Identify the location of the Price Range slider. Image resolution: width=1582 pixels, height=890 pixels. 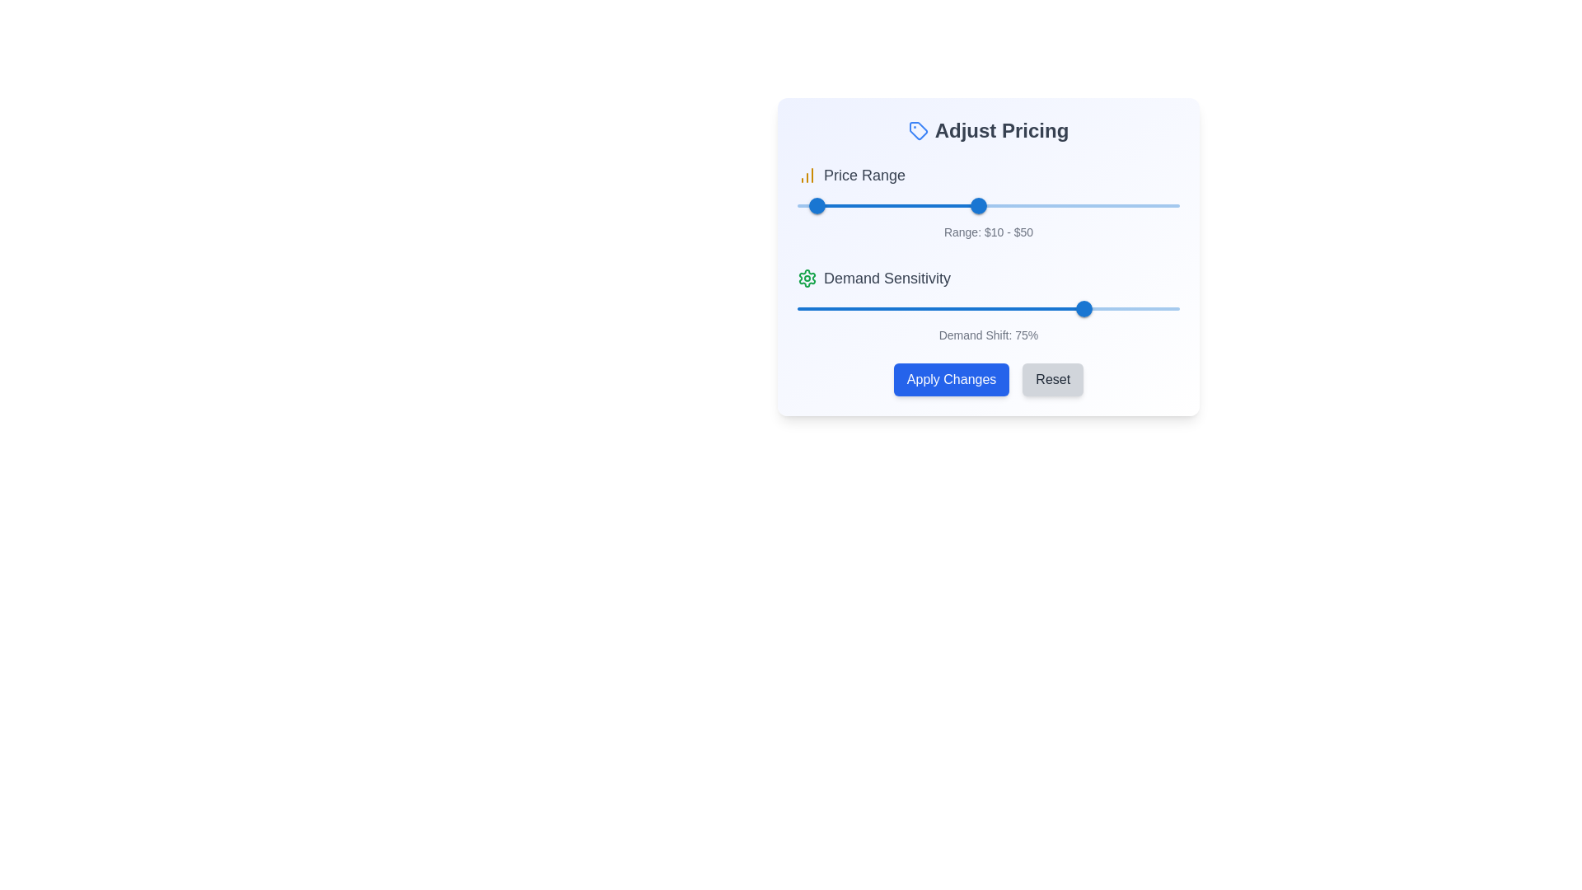
(912, 205).